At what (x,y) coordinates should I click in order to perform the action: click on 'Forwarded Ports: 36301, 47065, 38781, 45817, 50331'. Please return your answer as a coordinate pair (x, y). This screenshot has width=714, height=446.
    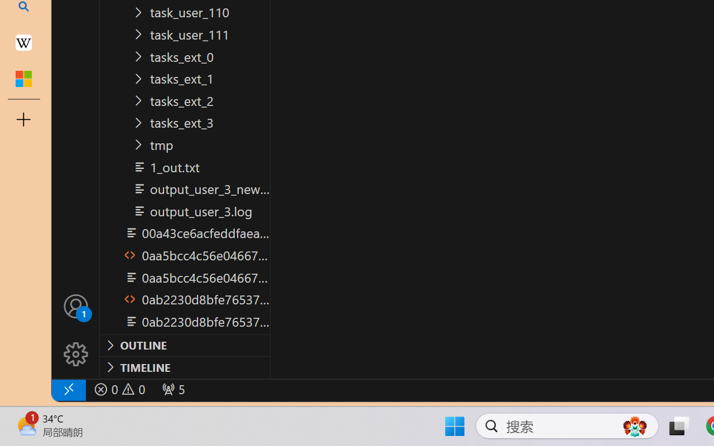
    Looking at the image, I should click on (172, 389).